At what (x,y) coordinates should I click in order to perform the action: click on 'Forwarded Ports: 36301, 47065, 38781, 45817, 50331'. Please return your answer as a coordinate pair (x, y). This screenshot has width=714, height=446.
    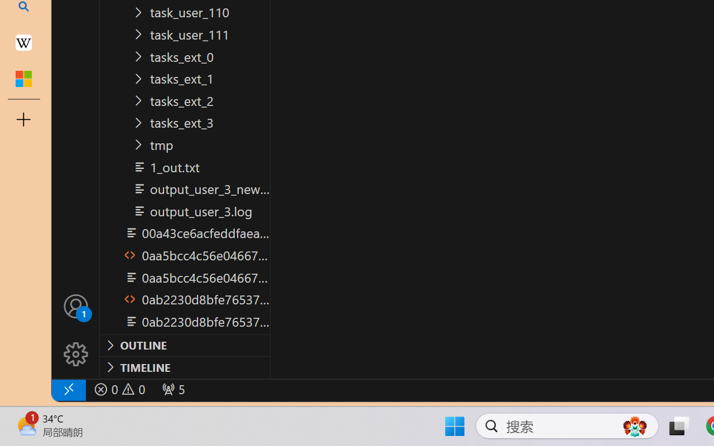
    Looking at the image, I should click on (172, 389).